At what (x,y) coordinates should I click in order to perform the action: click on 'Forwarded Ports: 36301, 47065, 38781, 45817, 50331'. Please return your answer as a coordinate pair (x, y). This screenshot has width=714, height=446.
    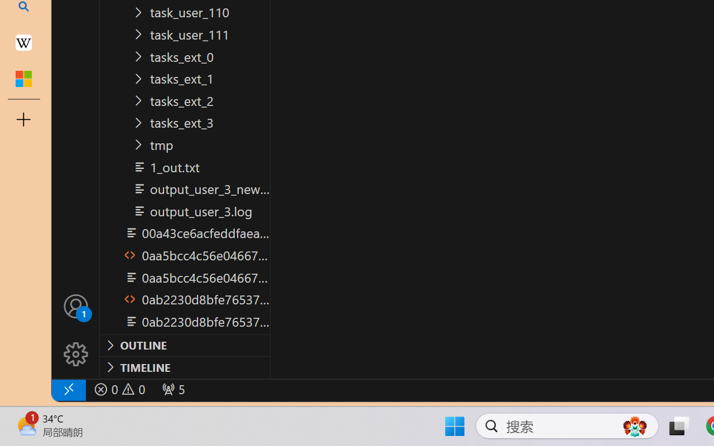
    Looking at the image, I should click on (172, 389).